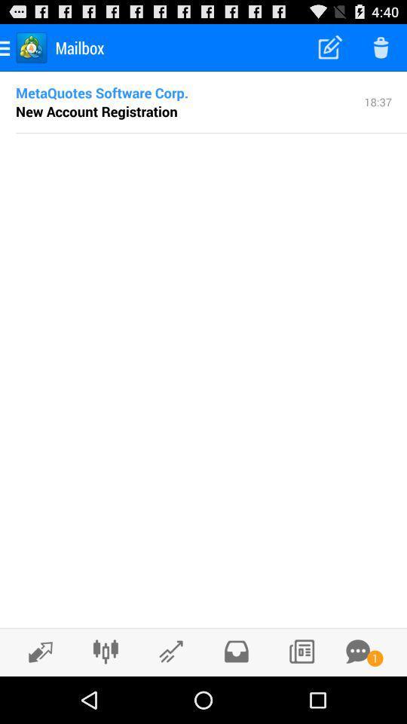 The height and width of the screenshot is (724, 407). Describe the element at coordinates (102, 91) in the screenshot. I see `metaquotes software corp.` at that location.